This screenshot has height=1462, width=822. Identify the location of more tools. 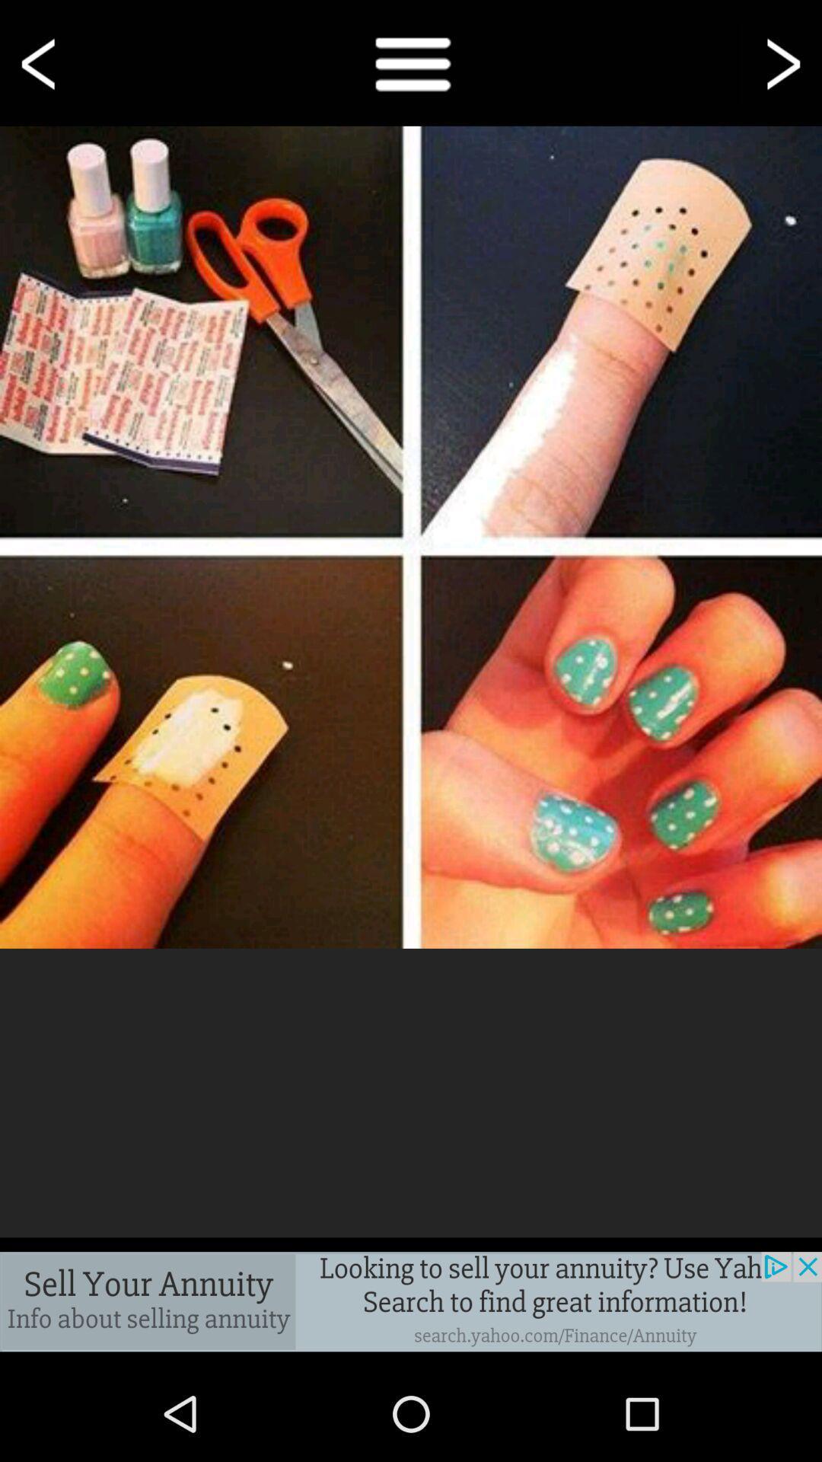
(411, 62).